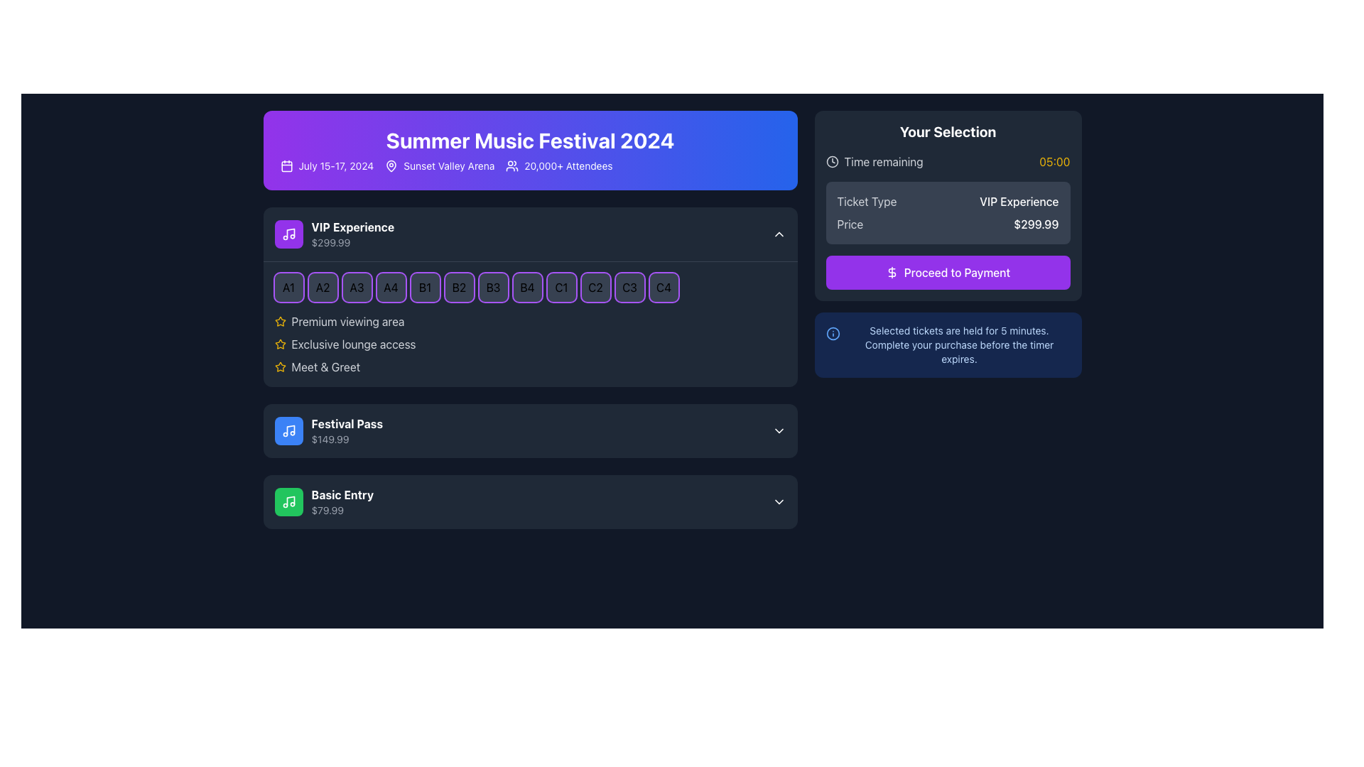 The height and width of the screenshot is (767, 1364). Describe the element at coordinates (874, 161) in the screenshot. I see `the Text label with an icon that indicates the remaining time for the current selection, located in the upper portion of the 'Your Selection' section, to the left of the countdown timer displaying '05:00'` at that location.